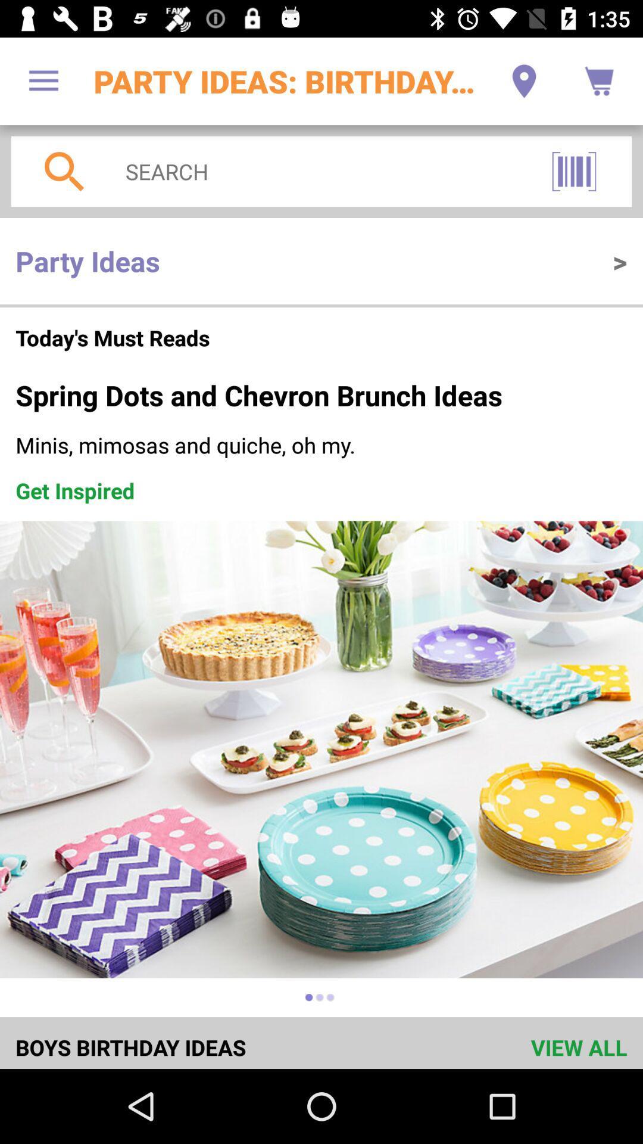 The width and height of the screenshot is (643, 1144). What do you see at coordinates (523, 80) in the screenshot?
I see `app to the right of the party ideas birthday` at bounding box center [523, 80].